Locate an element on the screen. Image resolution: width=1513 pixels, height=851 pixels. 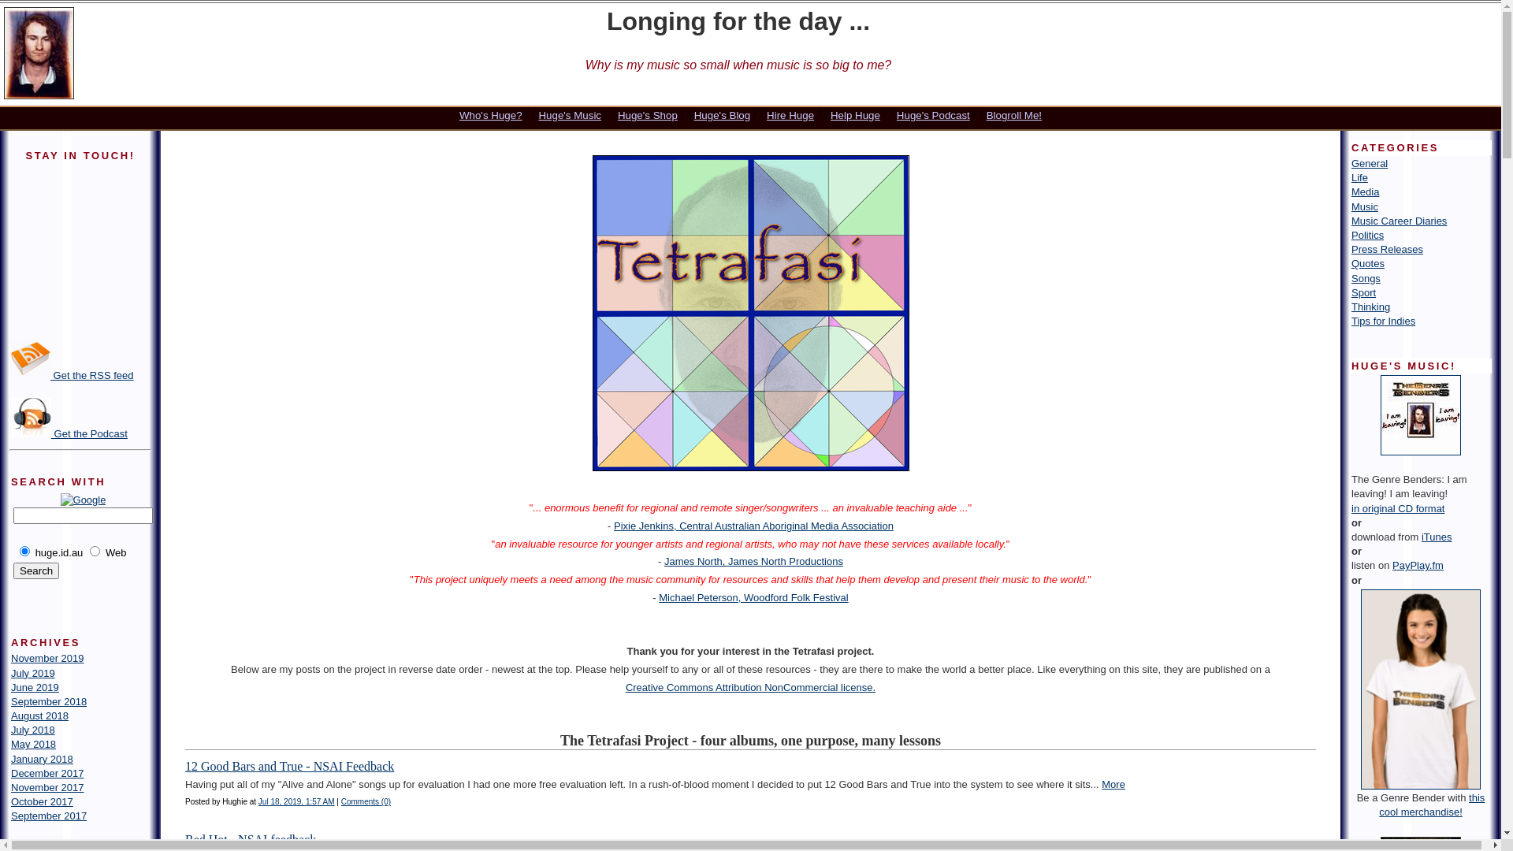
'Press Releases' is located at coordinates (1387, 248).